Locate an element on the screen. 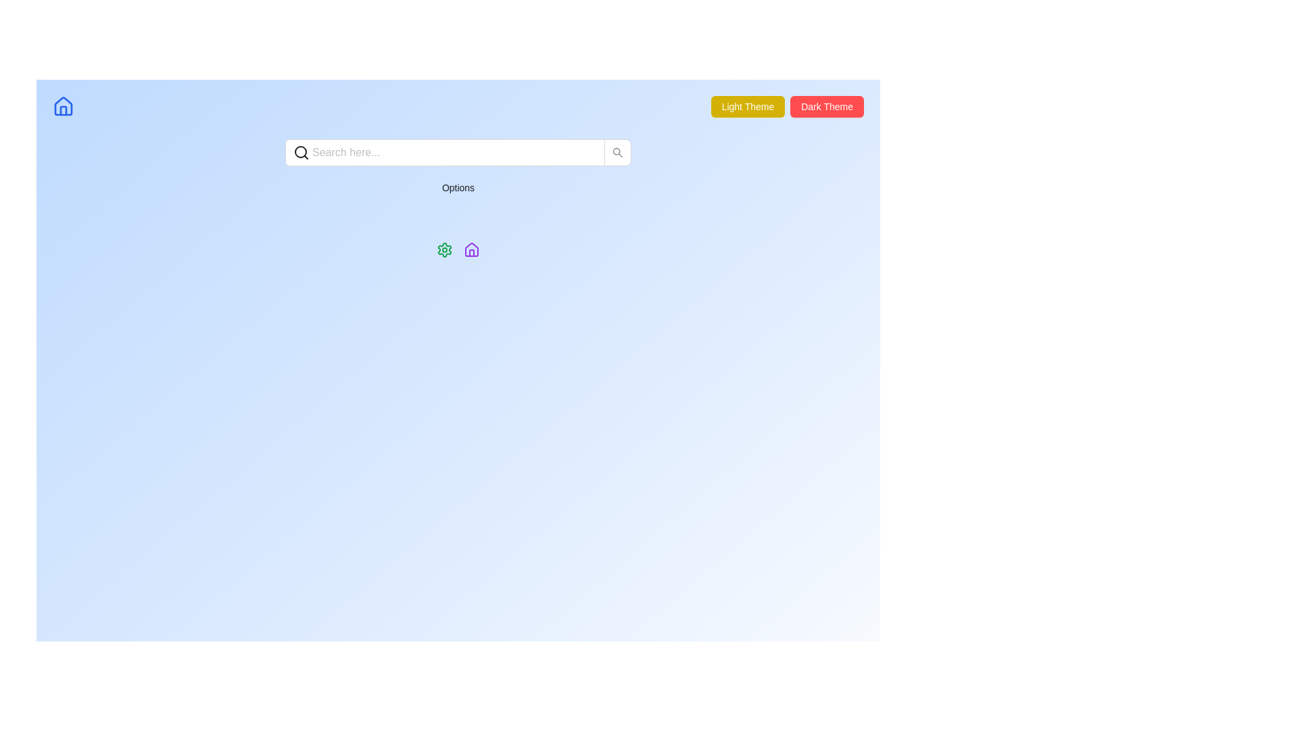 The image size is (1298, 730). the light theme button located at the top-right corner of the interface is located at coordinates (747, 106).